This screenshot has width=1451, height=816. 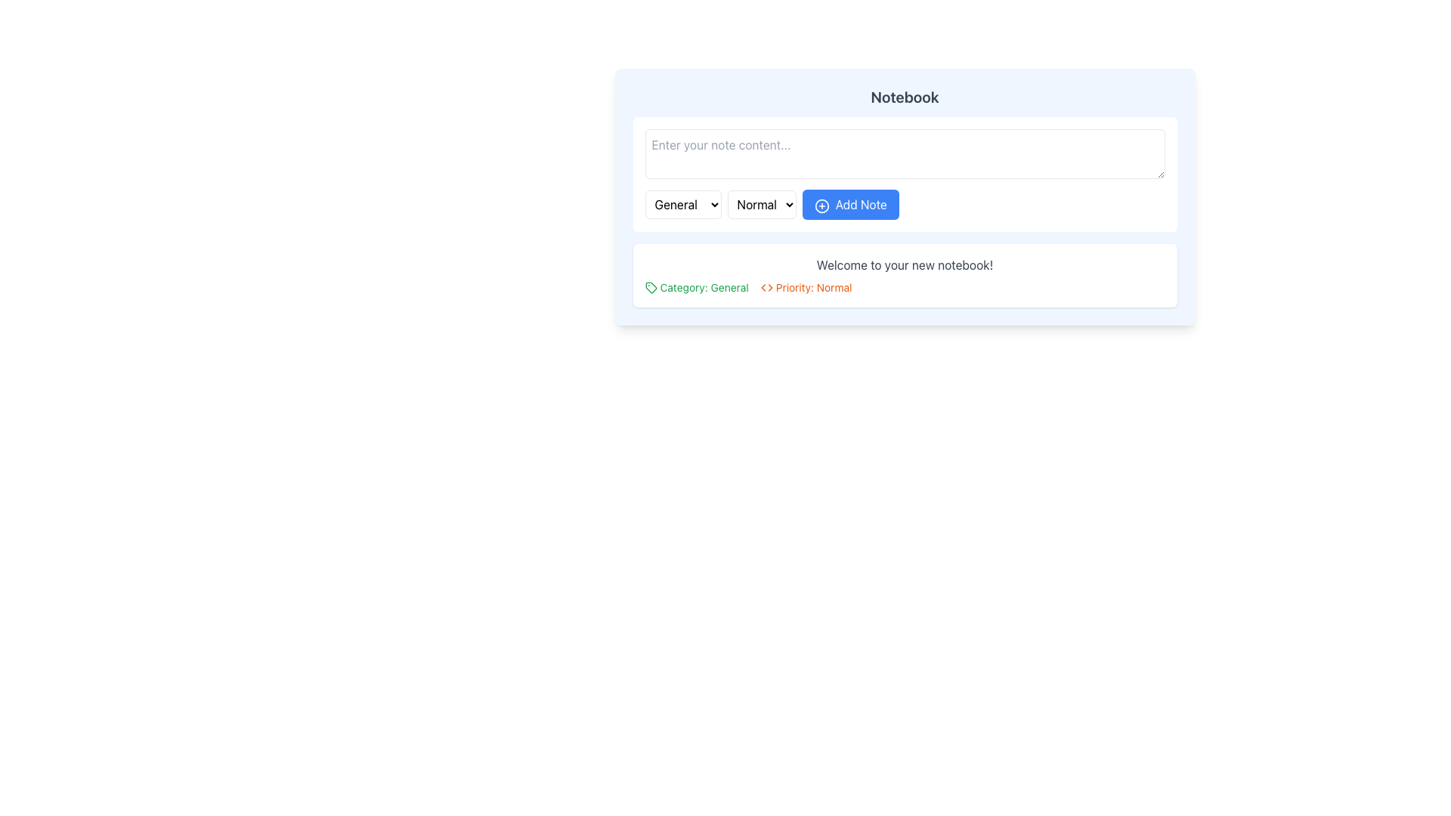 What do you see at coordinates (651, 288) in the screenshot?
I see `the icon element that resembles a tag or label, which is a polygonal shape with a pointed corner, located in the lower-left corner of the central content area` at bounding box center [651, 288].